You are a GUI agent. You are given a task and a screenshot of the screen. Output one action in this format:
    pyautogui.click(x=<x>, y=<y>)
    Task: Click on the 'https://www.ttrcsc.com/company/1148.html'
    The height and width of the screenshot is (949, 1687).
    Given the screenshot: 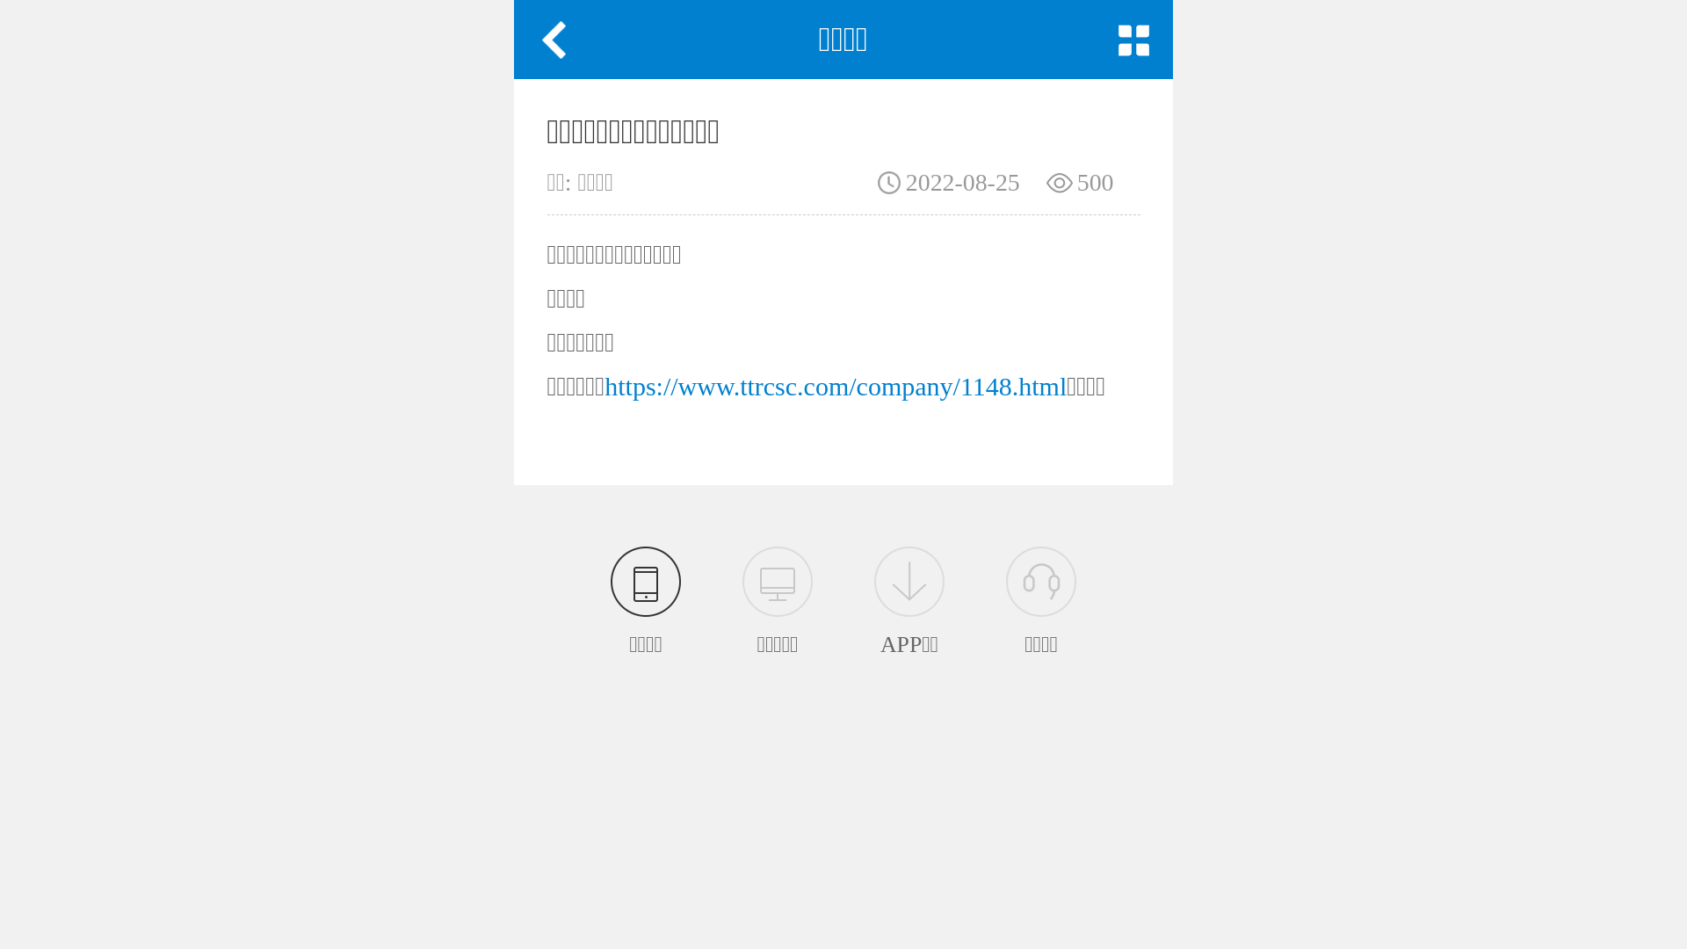 What is the action you would take?
    pyautogui.click(x=834, y=384)
    